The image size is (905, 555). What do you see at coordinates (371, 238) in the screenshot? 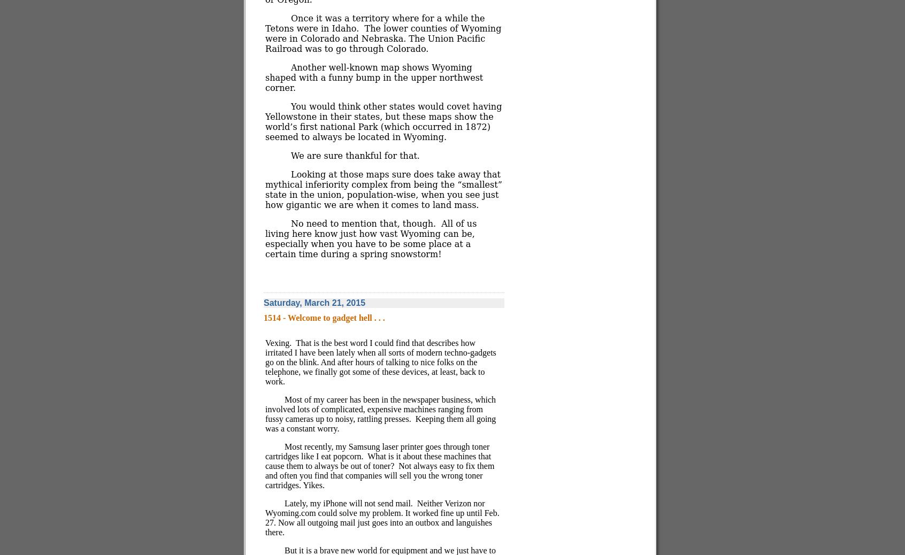
I see `'All of us living here know just how vast Wyoming
can be, especially when you have to be some place at a certain time during a
spring snowstorm!'` at bounding box center [371, 238].